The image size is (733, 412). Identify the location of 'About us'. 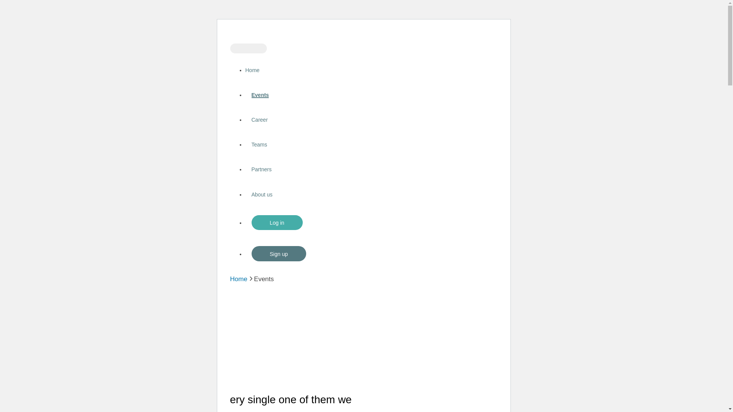
(262, 194).